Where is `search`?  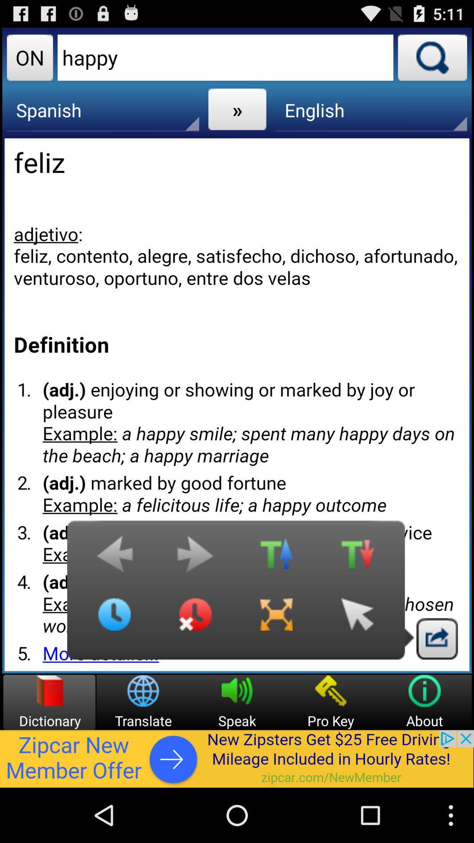
search is located at coordinates (432, 57).